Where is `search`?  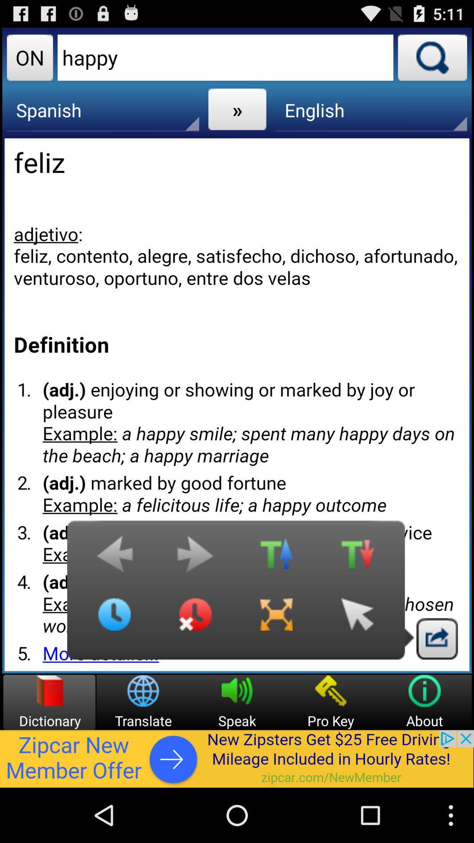
search is located at coordinates (432, 57).